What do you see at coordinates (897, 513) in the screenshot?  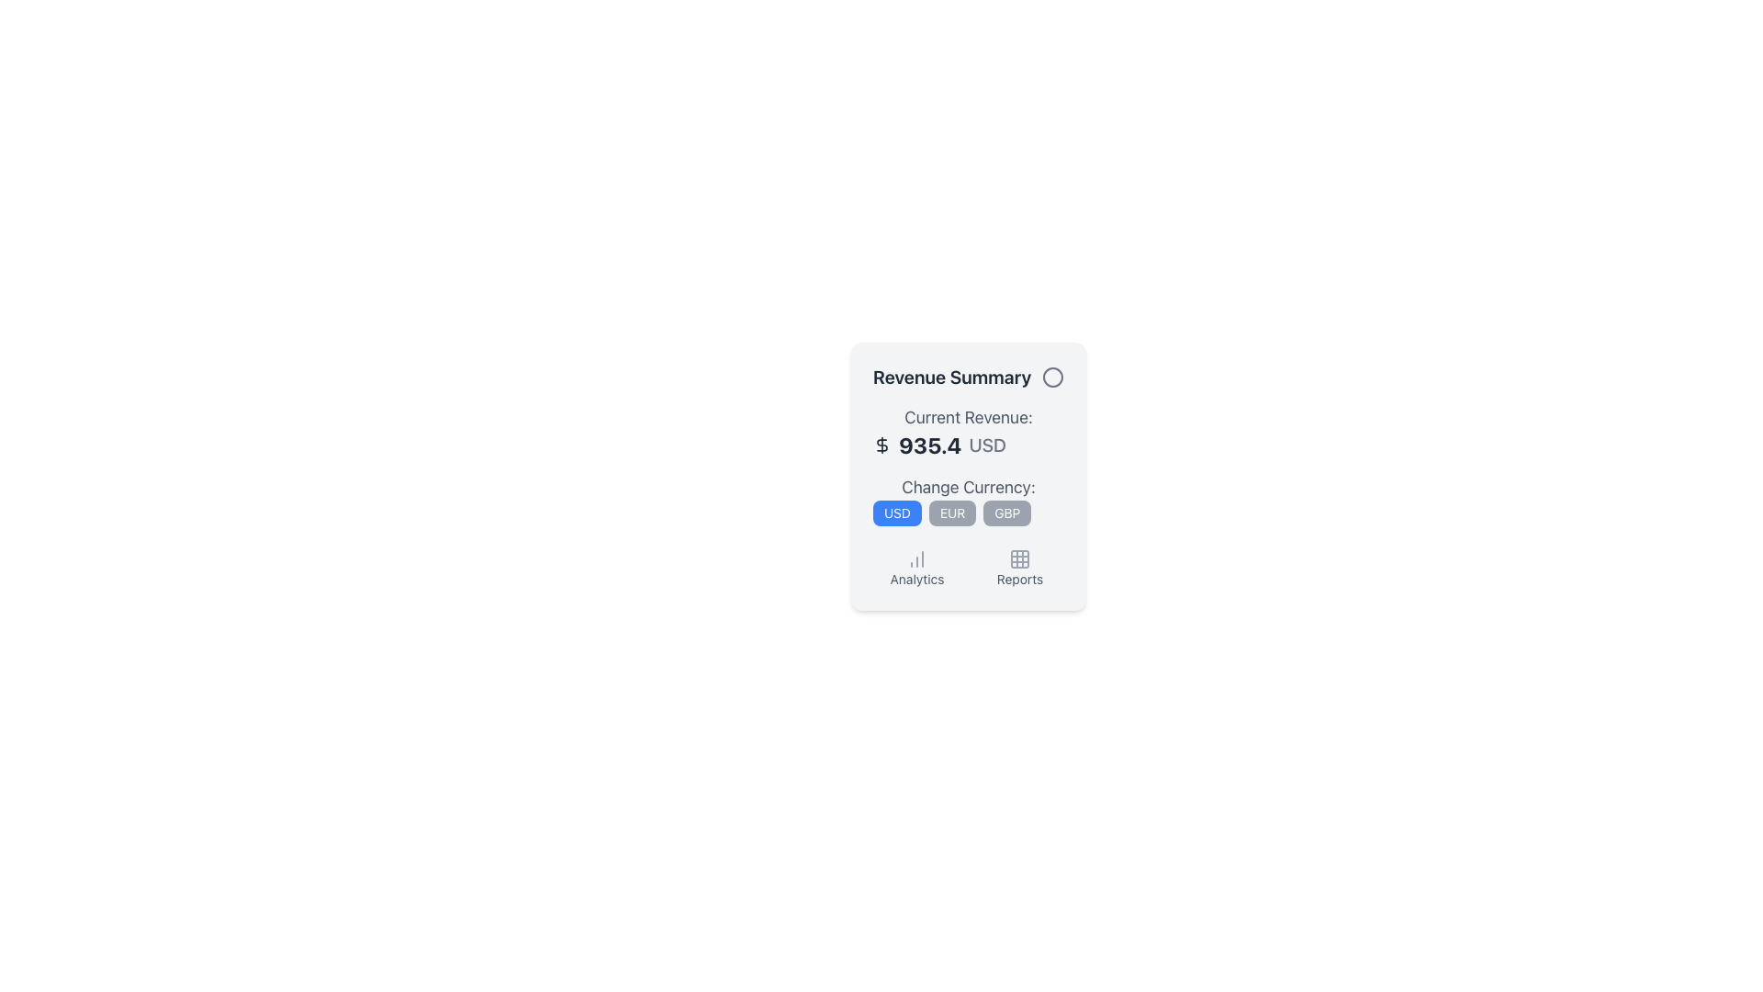 I see `the blue 'USD' button located in the lower-right section of the interface` at bounding box center [897, 513].